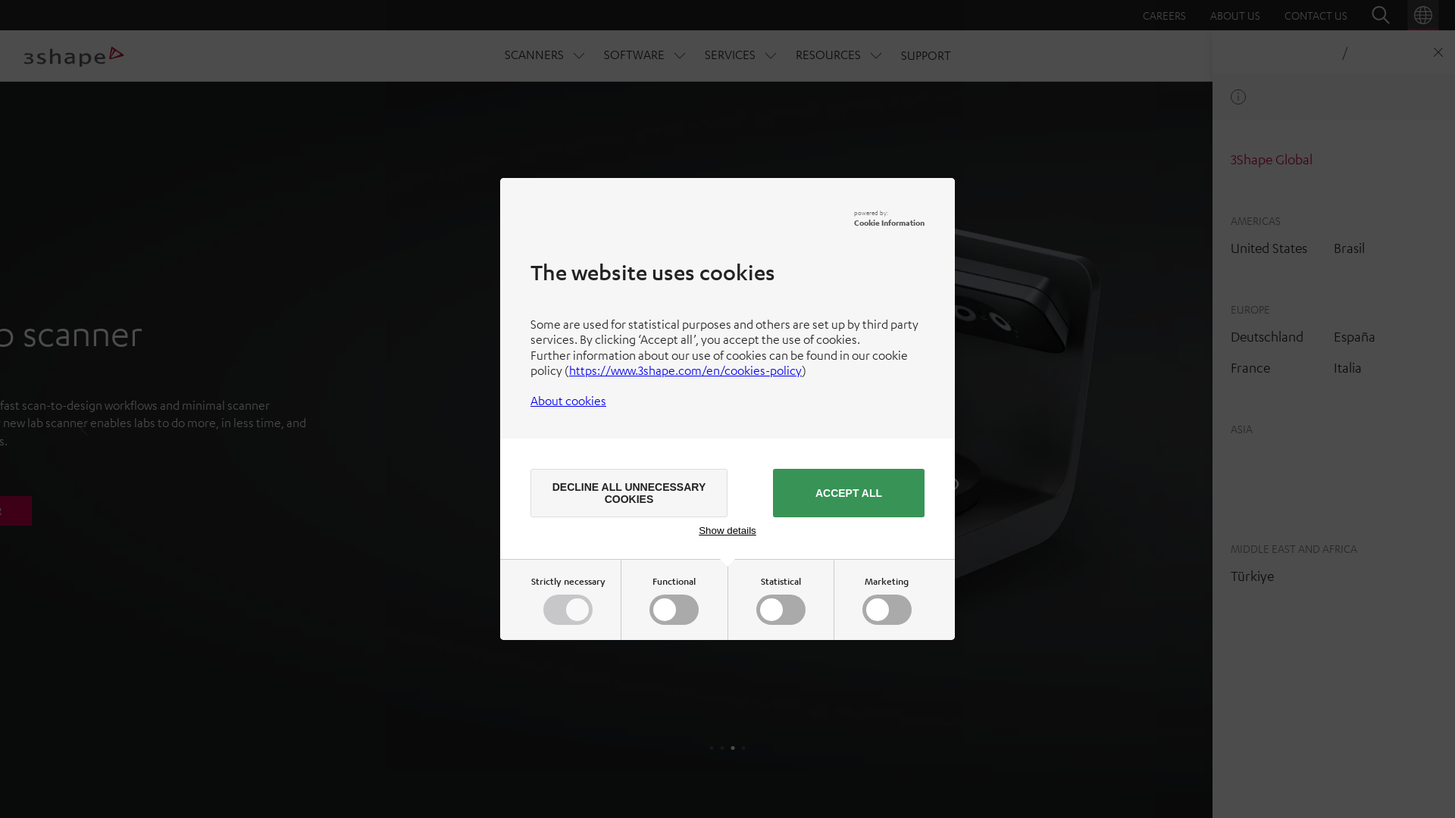 Image resolution: width=1455 pixels, height=818 pixels. What do you see at coordinates (73, 55) in the screenshot?
I see `'3Shape'` at bounding box center [73, 55].